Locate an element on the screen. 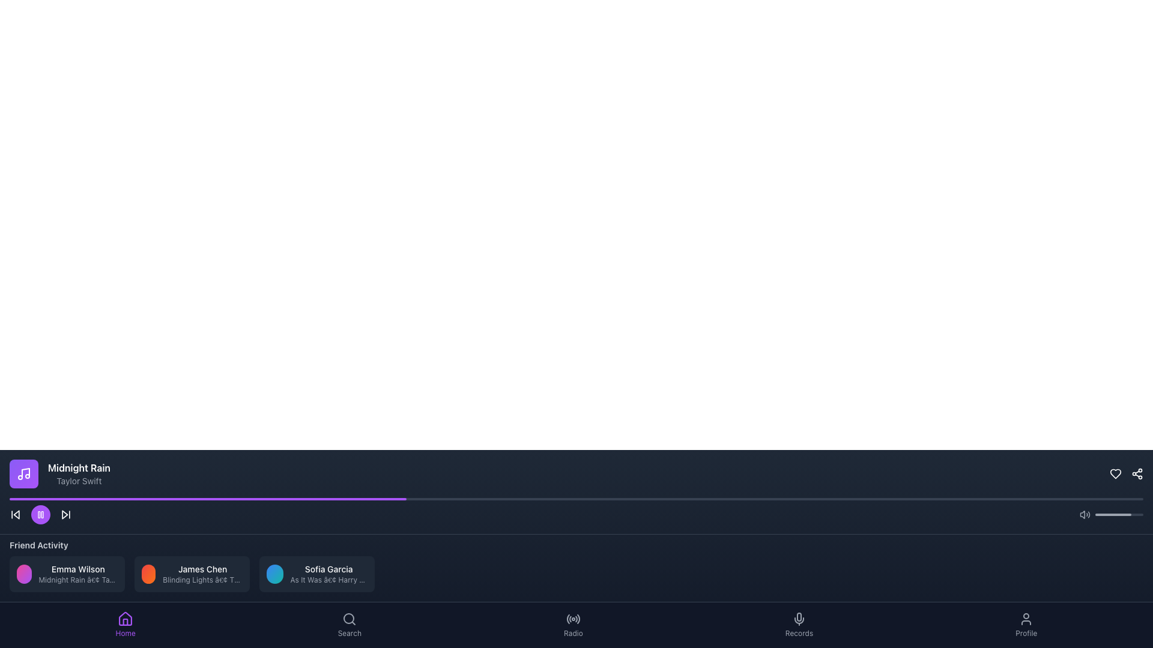 The image size is (1153, 648). the 'Skip Forward' button located in the media playback control section at the bottom center of the interface to jump to the next media item is located at coordinates (64, 514).